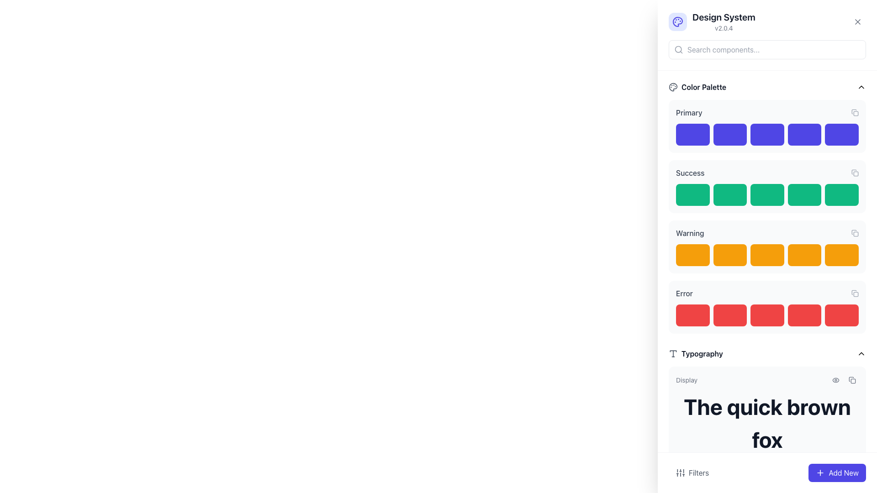 This screenshot has height=493, width=877. I want to click on the first green color swatch in the 'Success' section of the 'Color Palette' group located in the sidebar, so click(692, 194).